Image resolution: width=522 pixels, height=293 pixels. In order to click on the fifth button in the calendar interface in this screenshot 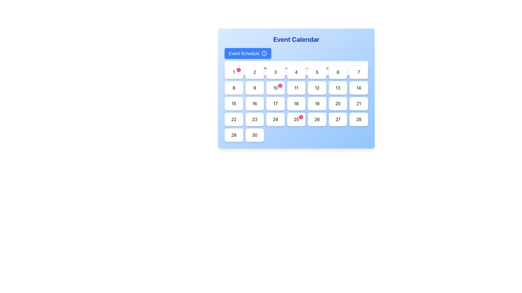, I will do `click(317, 72)`.